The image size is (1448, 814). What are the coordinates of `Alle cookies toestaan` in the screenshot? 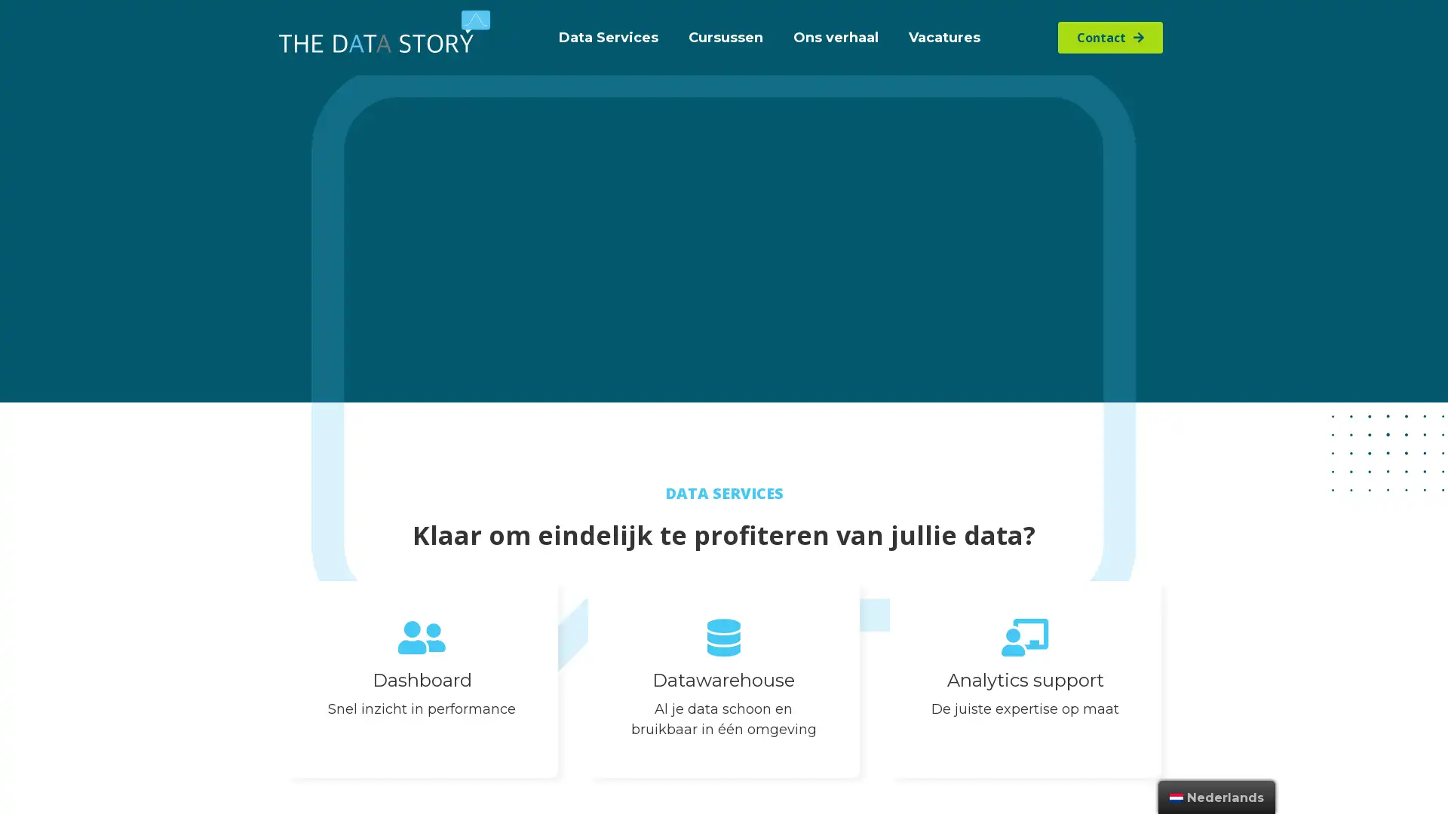 It's located at (297, 771).